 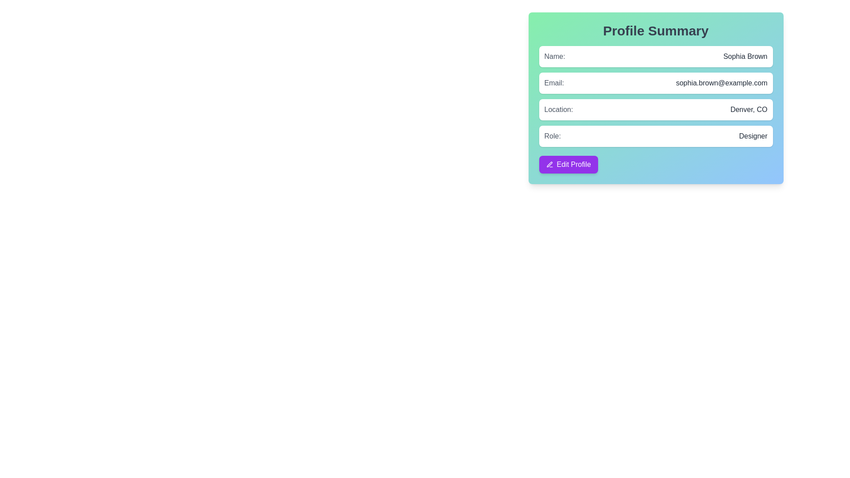 What do you see at coordinates (554, 56) in the screenshot?
I see `the text label that reads 'Name:' which is styled with a medium-weight font and gray color, located on the left side of a horizontal row in the profile summary section` at bounding box center [554, 56].